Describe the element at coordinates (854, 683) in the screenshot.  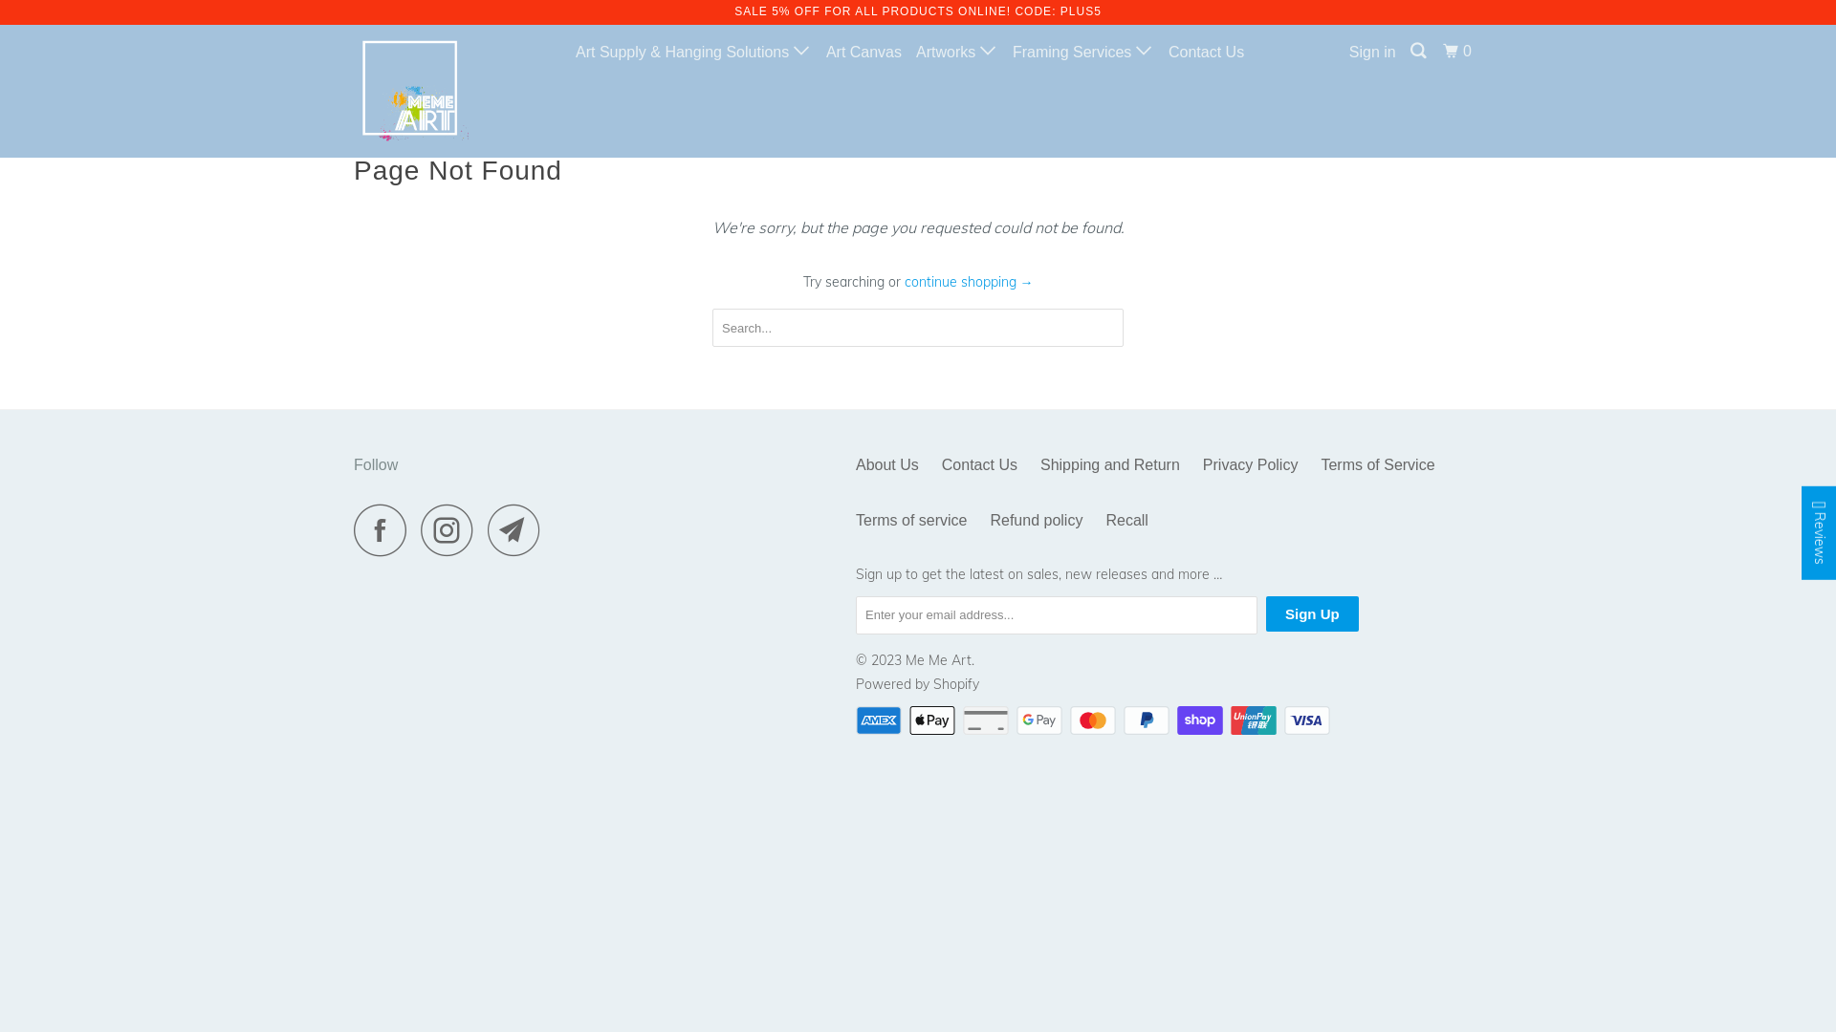
I see `'Powered by Shopify'` at that location.